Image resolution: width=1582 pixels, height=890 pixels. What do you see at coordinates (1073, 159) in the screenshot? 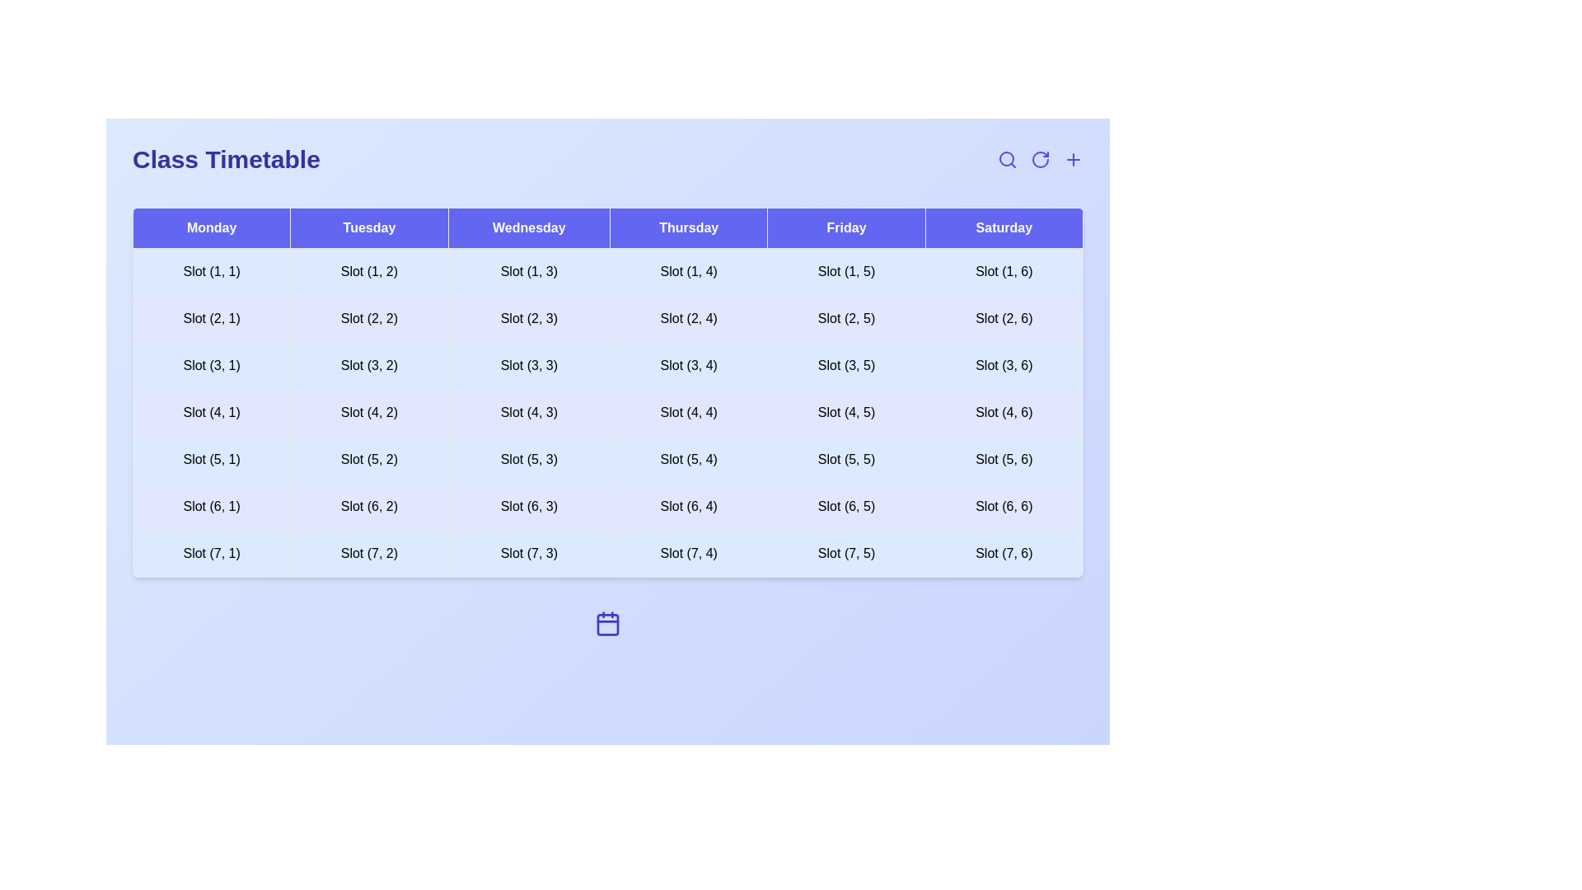
I see `the add icon to add a new schedule item` at bounding box center [1073, 159].